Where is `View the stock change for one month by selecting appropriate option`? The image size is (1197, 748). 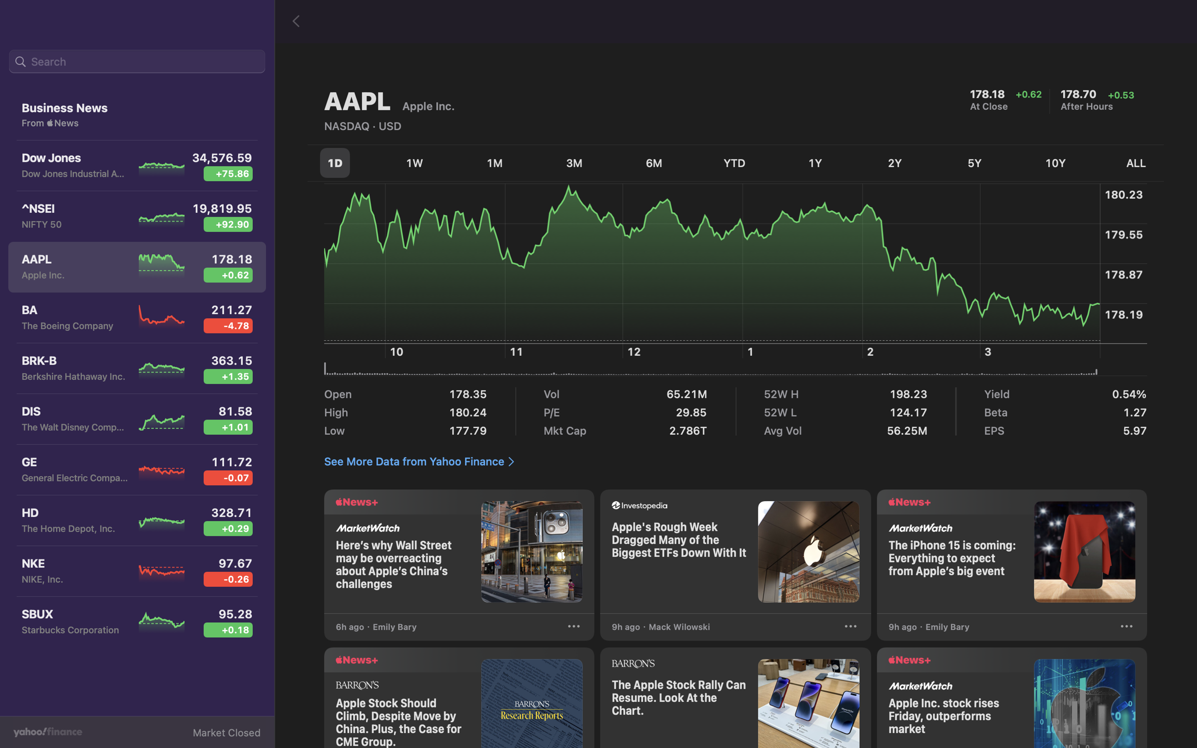
View the stock change for one month by selecting appropriate option is located at coordinates (496, 160).